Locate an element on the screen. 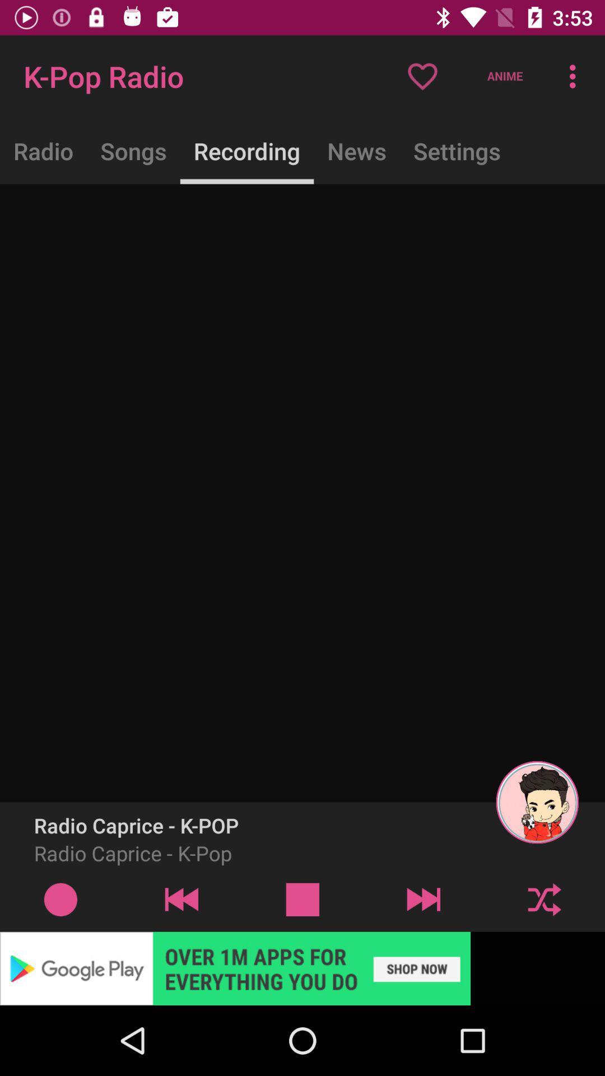 This screenshot has width=605, height=1076. next is located at coordinates (544, 899).